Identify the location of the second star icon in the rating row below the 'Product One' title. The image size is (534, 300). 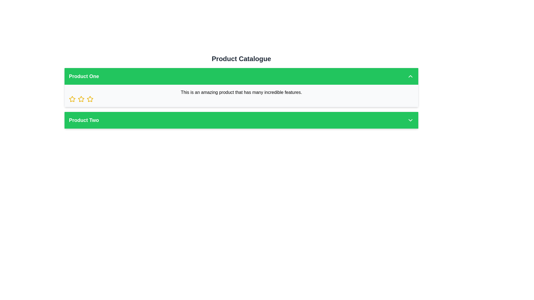
(81, 99).